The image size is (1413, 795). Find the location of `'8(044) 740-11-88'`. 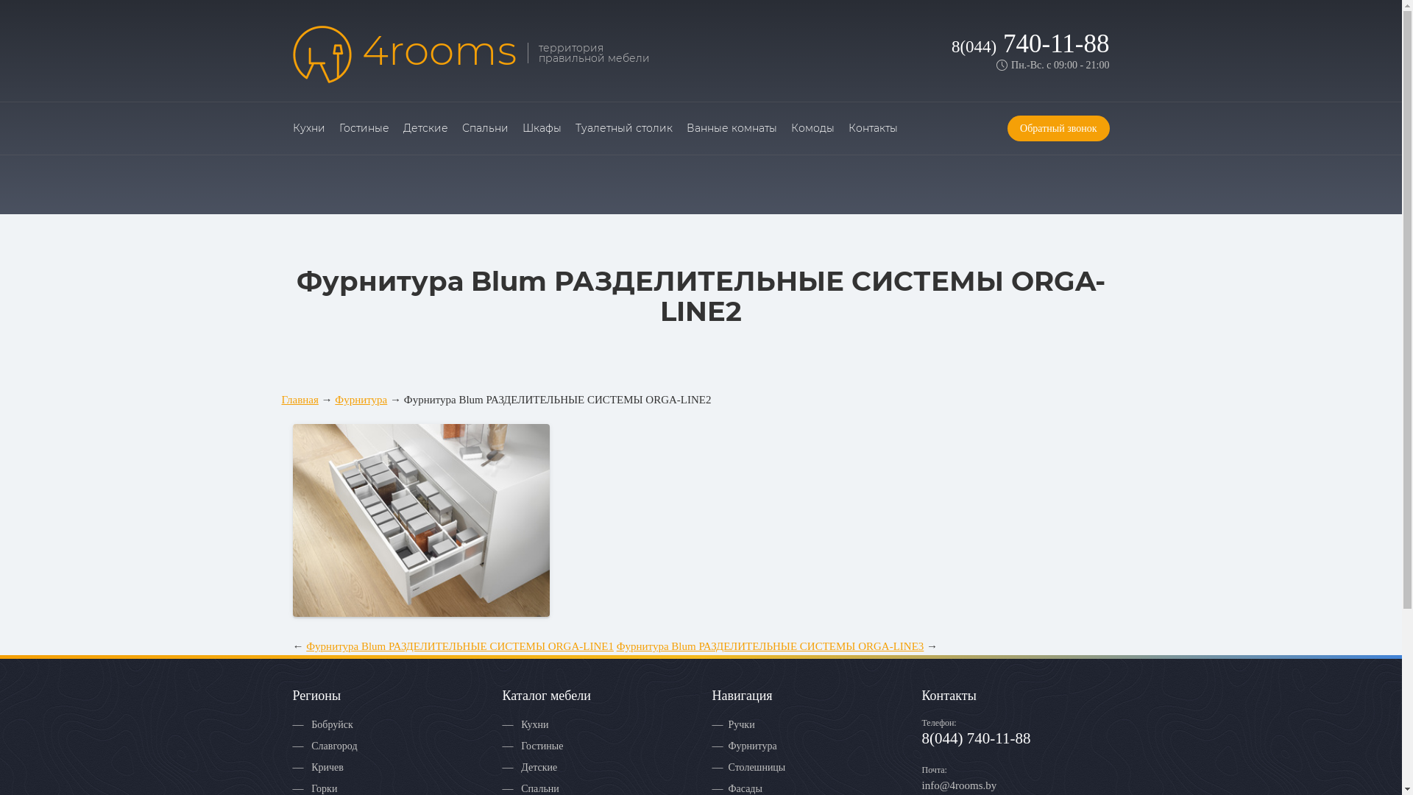

'8(044) 740-11-88' is located at coordinates (951, 43).